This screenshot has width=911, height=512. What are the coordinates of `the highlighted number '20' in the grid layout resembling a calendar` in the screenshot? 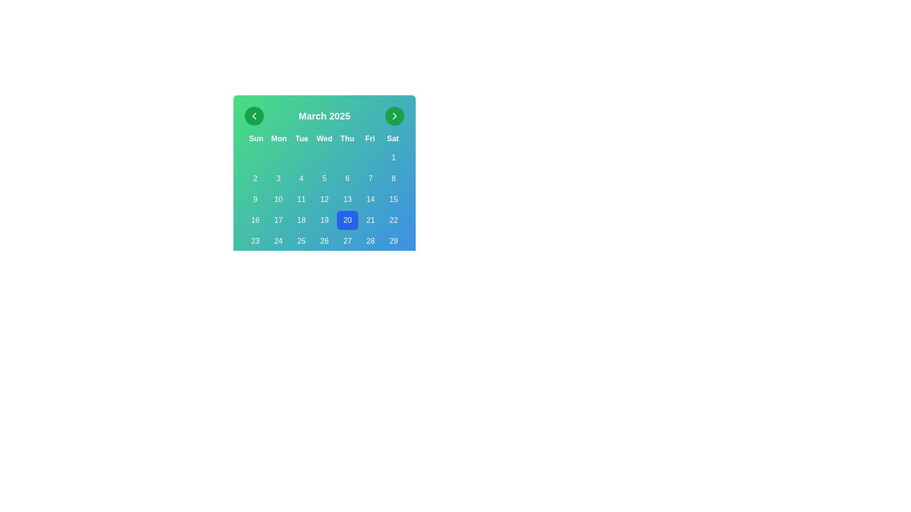 It's located at (325, 210).